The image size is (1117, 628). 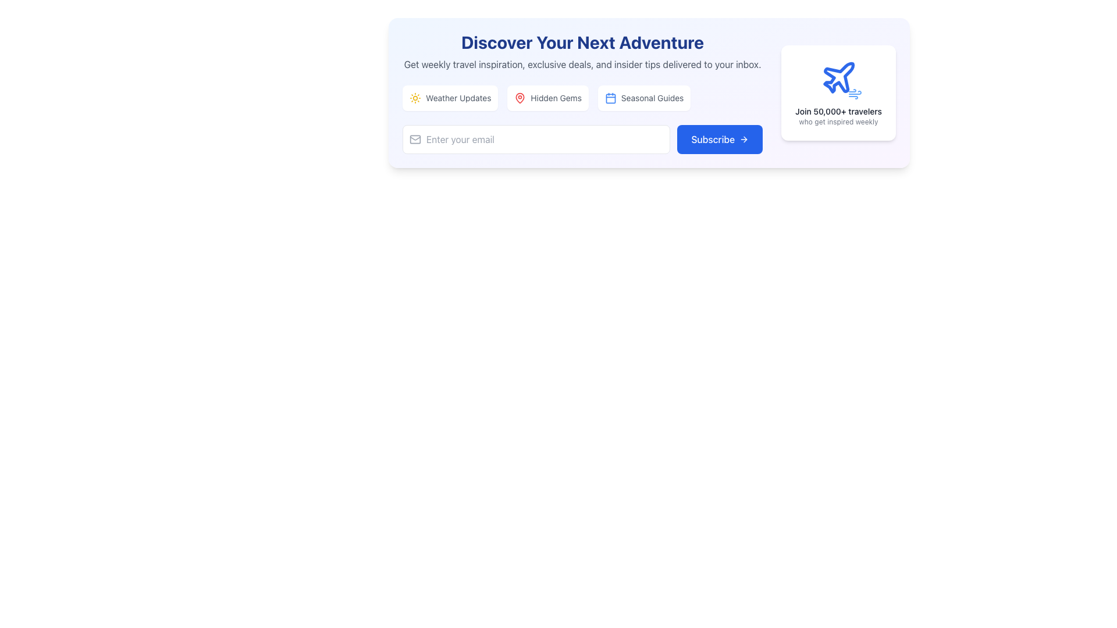 I want to click on the Icon that complements the 'Seasonal Guides' button, located to the left of the text in the same horizontal row, so click(x=610, y=98).